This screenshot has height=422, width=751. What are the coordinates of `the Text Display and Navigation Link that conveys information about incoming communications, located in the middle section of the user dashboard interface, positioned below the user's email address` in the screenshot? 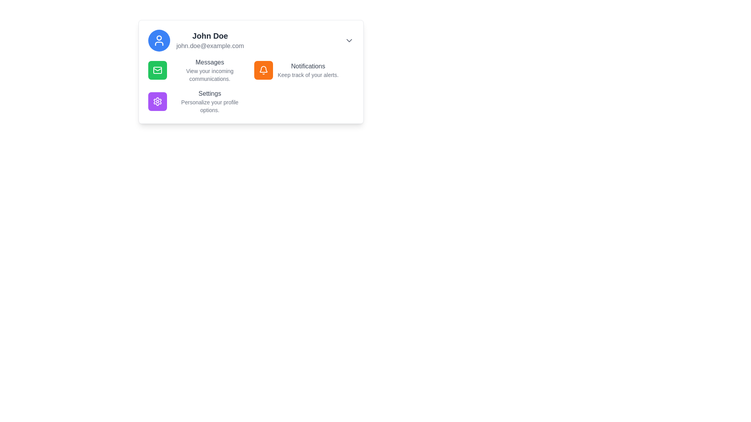 It's located at (210, 70).